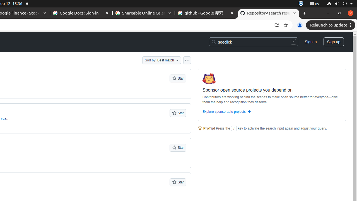 The height and width of the screenshot is (201, 357). Describe the element at coordinates (331, 25) in the screenshot. I see `'Relaunch to update'` at that location.